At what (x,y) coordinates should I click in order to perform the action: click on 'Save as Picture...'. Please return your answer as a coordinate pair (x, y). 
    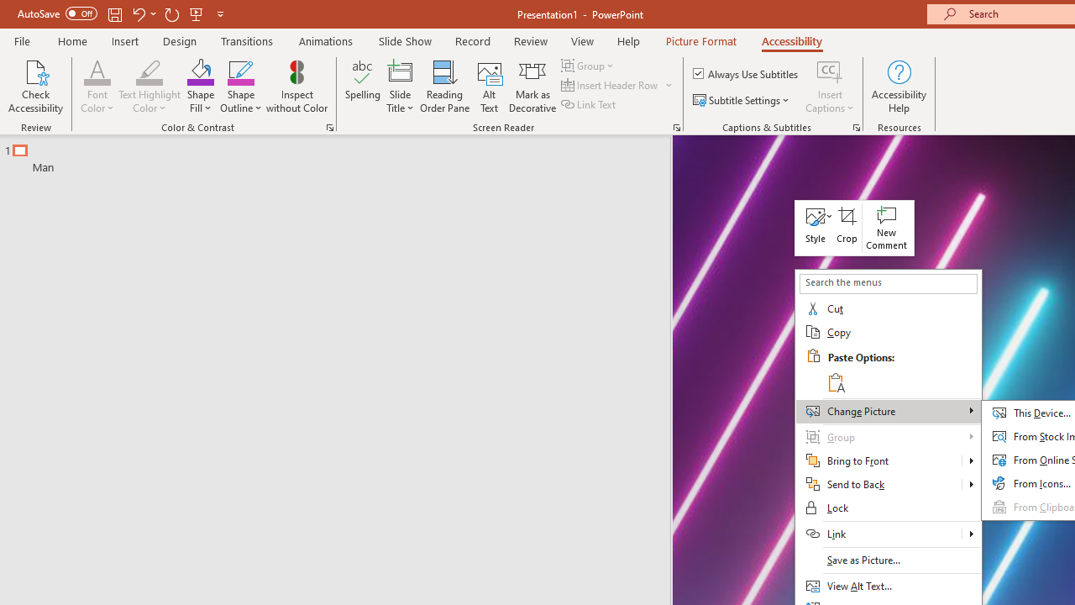
    Looking at the image, I should click on (887, 560).